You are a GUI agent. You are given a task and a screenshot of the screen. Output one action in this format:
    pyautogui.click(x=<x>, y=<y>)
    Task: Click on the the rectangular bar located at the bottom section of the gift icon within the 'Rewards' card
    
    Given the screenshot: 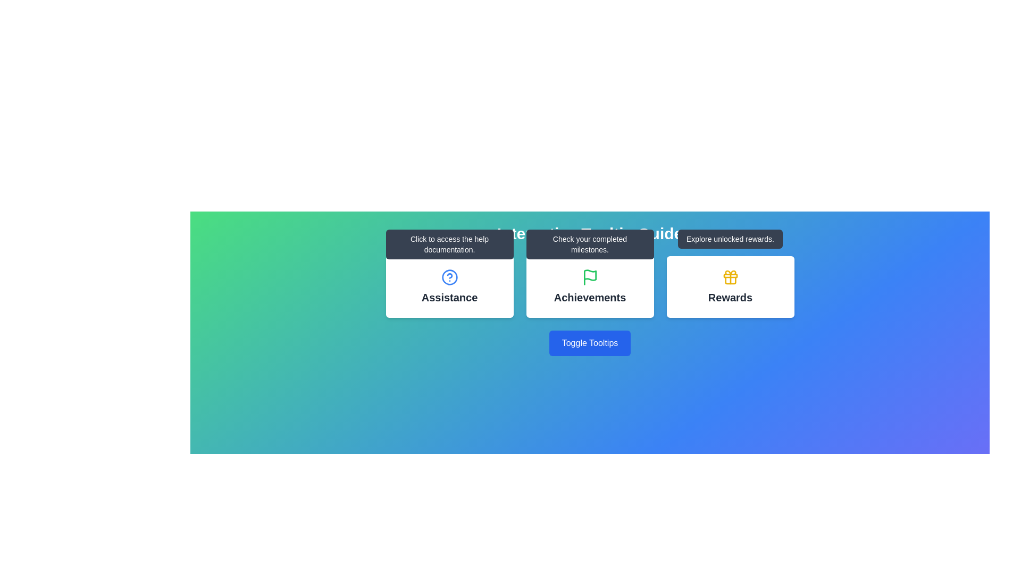 What is the action you would take?
    pyautogui.click(x=730, y=275)
    